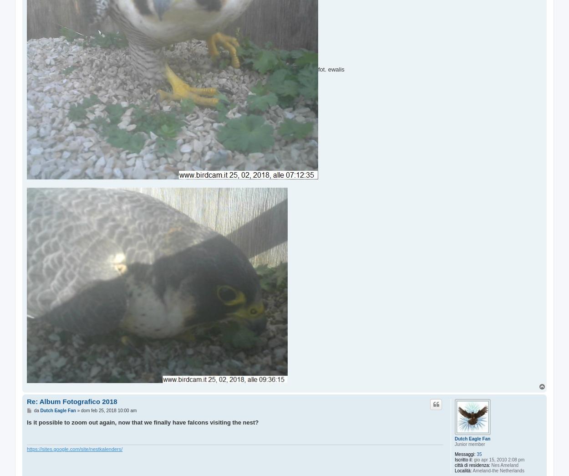  What do you see at coordinates (75, 448) in the screenshot?
I see `'https://sites.google.com/site/nestkalenders/'` at bounding box center [75, 448].